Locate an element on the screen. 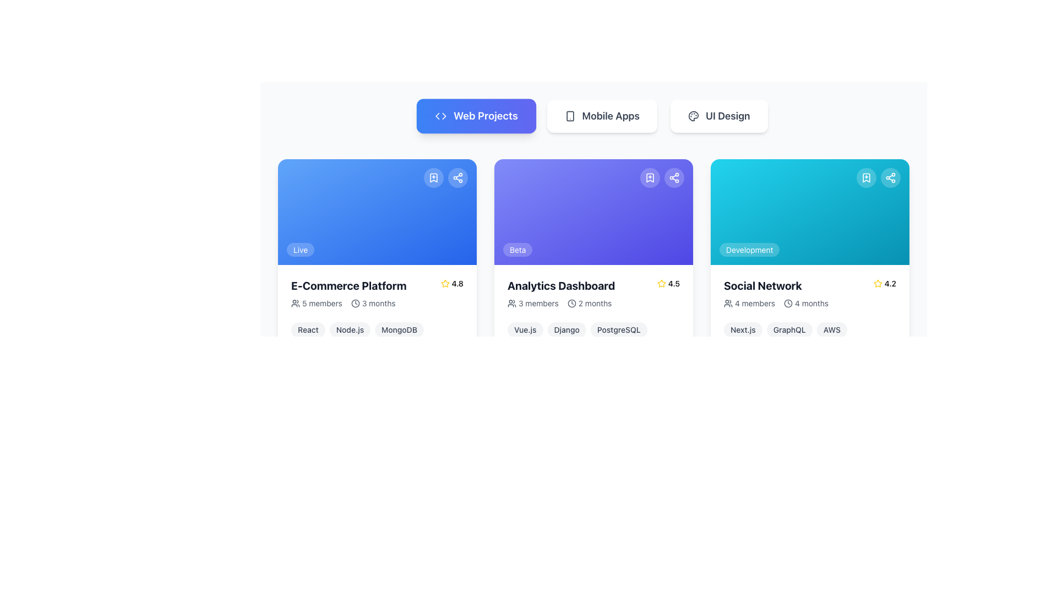  informational text block that provides details about the 'E-Commerce Platform' project, including its rating, number of members, and duration is located at coordinates (377, 293).